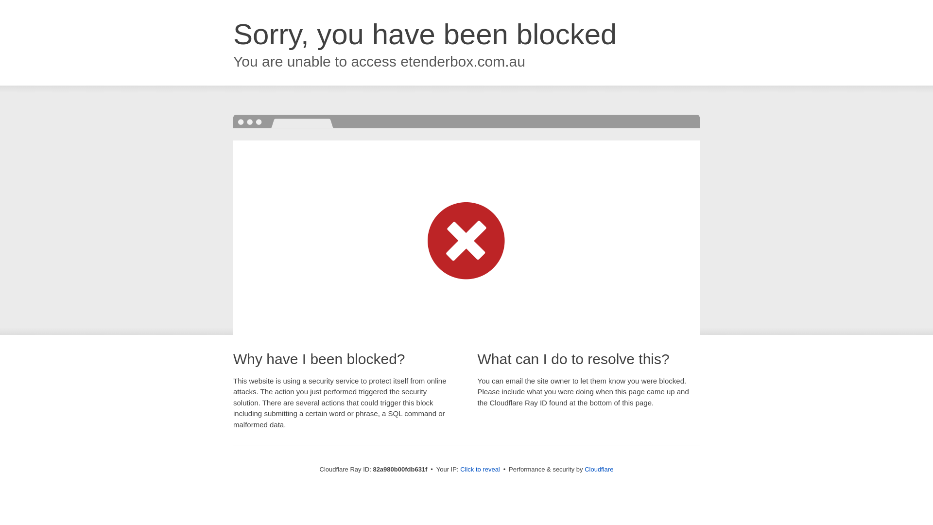 The height and width of the screenshot is (525, 933). I want to click on 'Cloudflare', so click(598, 469).